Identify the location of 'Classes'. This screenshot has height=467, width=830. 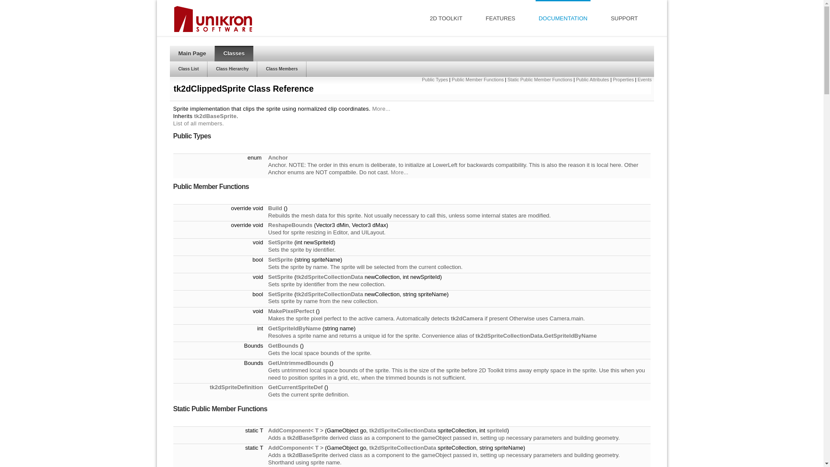
(234, 53).